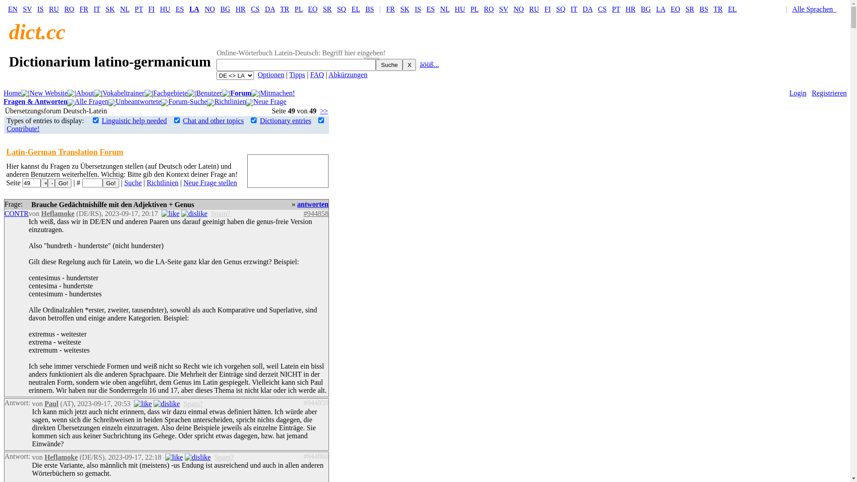 The width and height of the screenshot is (857, 482). Describe the element at coordinates (277, 93) in the screenshot. I see `'Mitmachen!'` at that location.